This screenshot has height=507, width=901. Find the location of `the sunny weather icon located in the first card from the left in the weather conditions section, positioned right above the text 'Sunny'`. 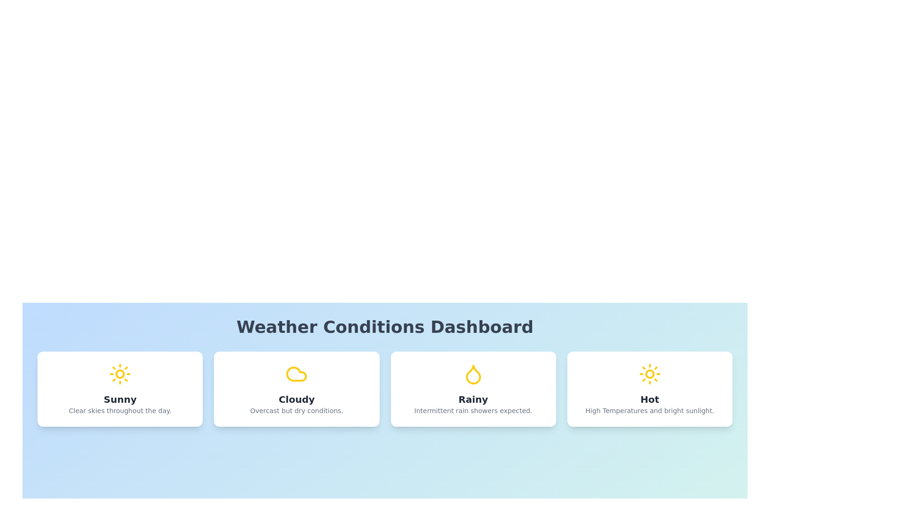

the sunny weather icon located in the first card from the left in the weather conditions section, positioned right above the text 'Sunny' is located at coordinates (120, 374).